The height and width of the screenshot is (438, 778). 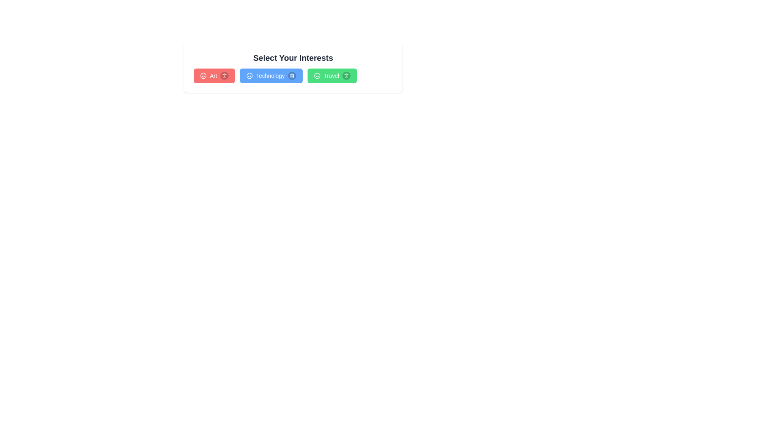 What do you see at coordinates (271, 75) in the screenshot?
I see `the button corresponding to Technology to select it` at bounding box center [271, 75].